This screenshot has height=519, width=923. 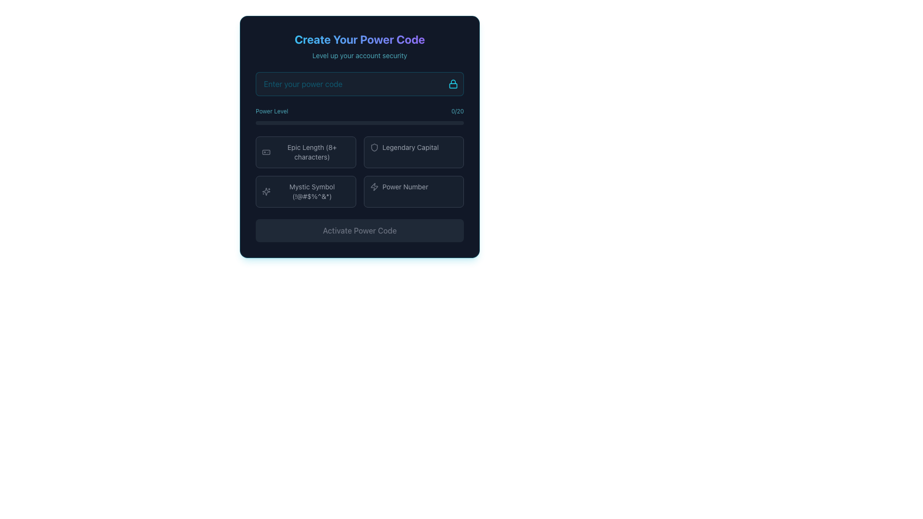 I want to click on the small cyan lock icon button located at the rightmost end of the password input field within the 'Create Your Power Code' interface, so click(x=452, y=83).